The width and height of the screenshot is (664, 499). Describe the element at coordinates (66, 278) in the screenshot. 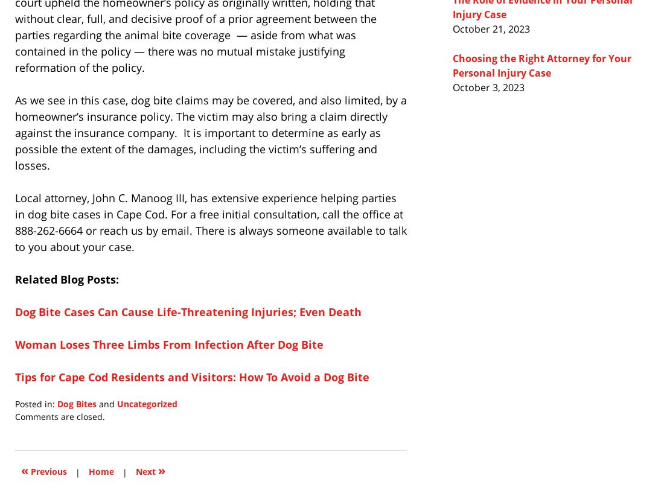

I see `'Related Blog Posts:'` at that location.